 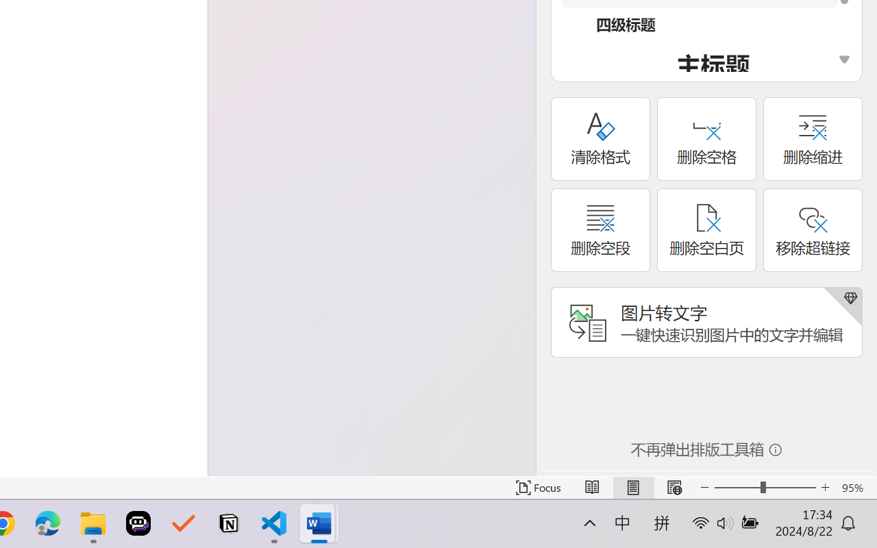 What do you see at coordinates (855, 487) in the screenshot?
I see `'Zoom 95%'` at bounding box center [855, 487].